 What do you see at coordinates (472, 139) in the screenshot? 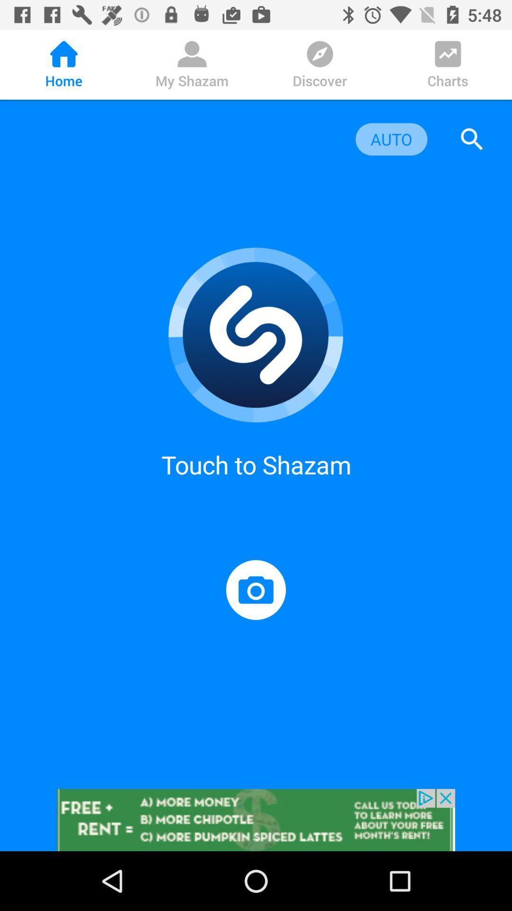
I see `search` at bounding box center [472, 139].